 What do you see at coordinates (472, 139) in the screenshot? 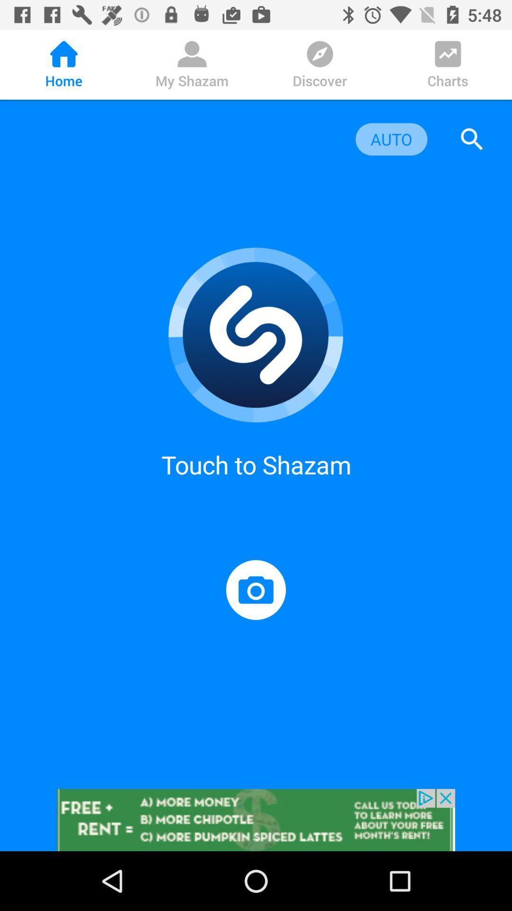
I see `search` at bounding box center [472, 139].